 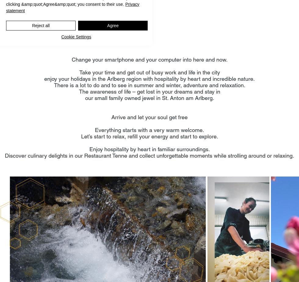 I want to click on 'Everything starts with a very warm welcome.', so click(x=149, y=130).